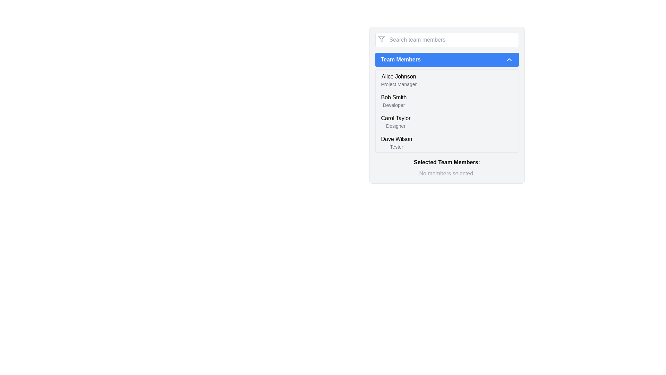  What do you see at coordinates (447, 59) in the screenshot?
I see `the 'Team Members' button with a blue background and rounded corners` at bounding box center [447, 59].